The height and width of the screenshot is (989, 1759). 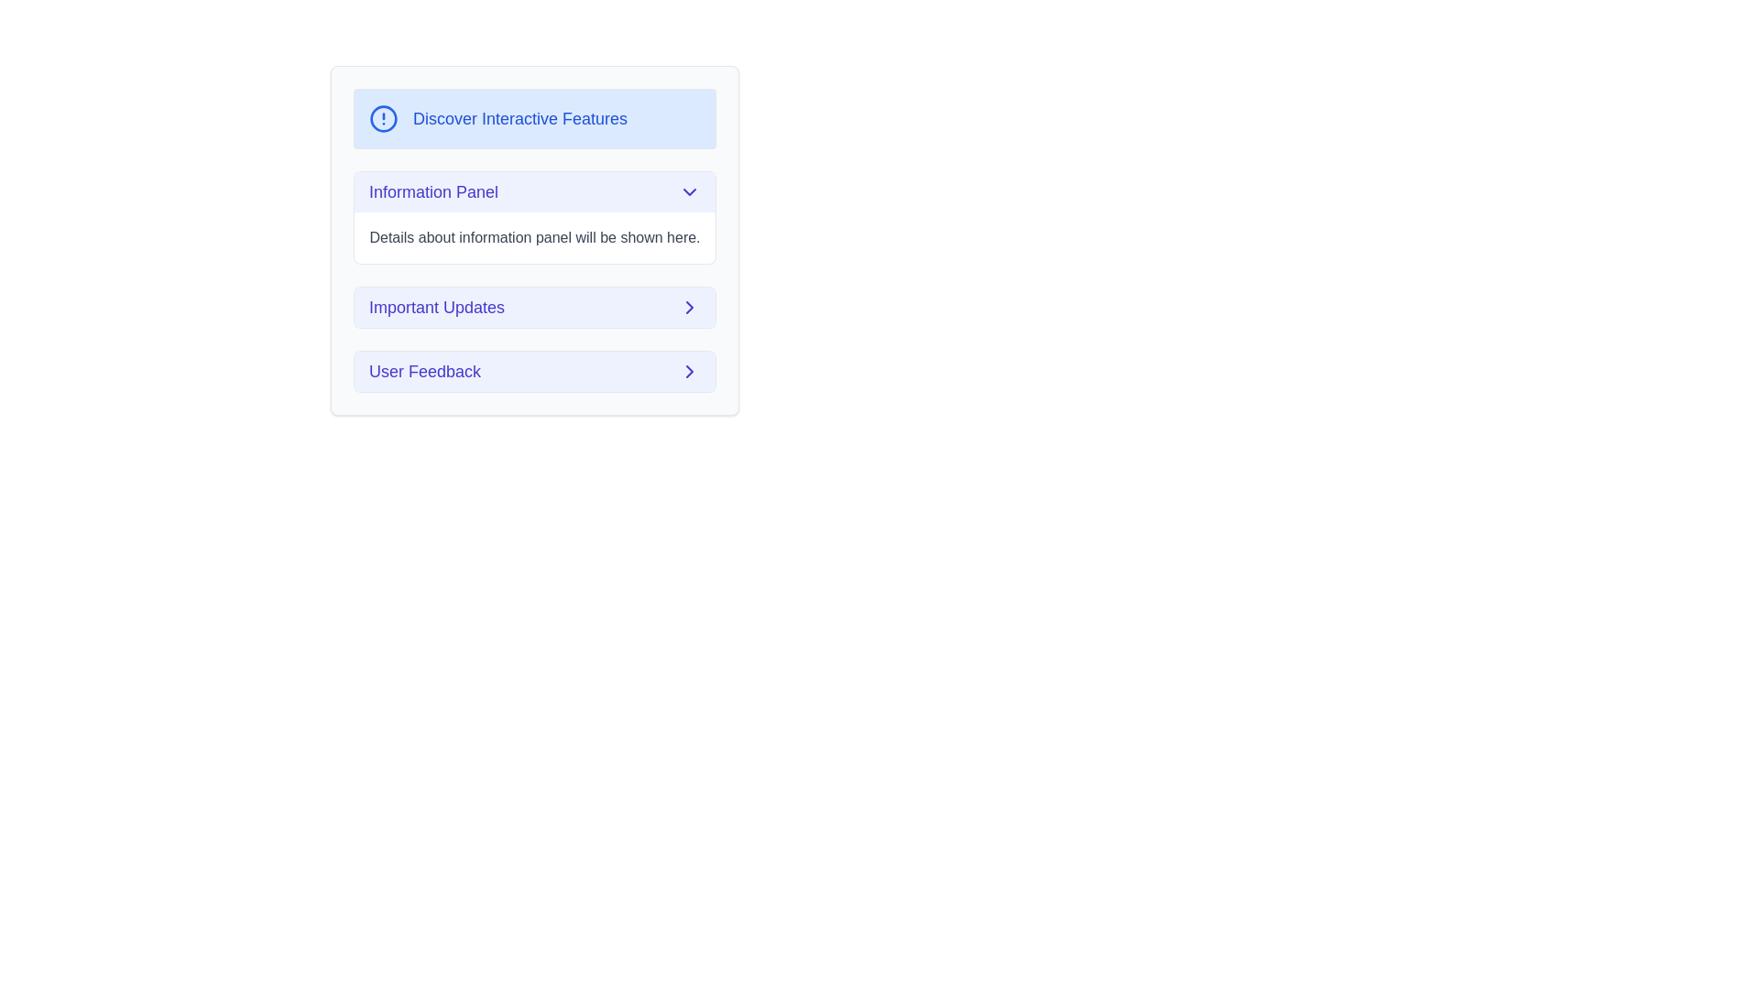 I want to click on the Header text located at the topmost position of the outlined grouped section with a light-blue background to gain information about the section below, so click(x=519, y=119).